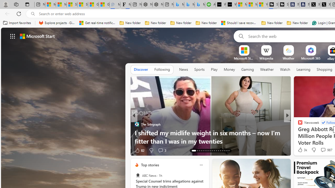 Image resolution: width=335 pixels, height=188 pixels. What do you see at coordinates (138, 175) in the screenshot?
I see `'ABC News'` at bounding box center [138, 175].